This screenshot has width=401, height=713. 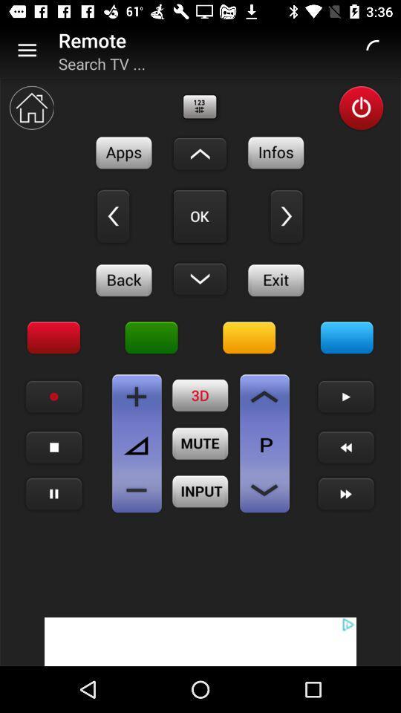 What do you see at coordinates (287, 215) in the screenshot?
I see `right directional movement button` at bounding box center [287, 215].